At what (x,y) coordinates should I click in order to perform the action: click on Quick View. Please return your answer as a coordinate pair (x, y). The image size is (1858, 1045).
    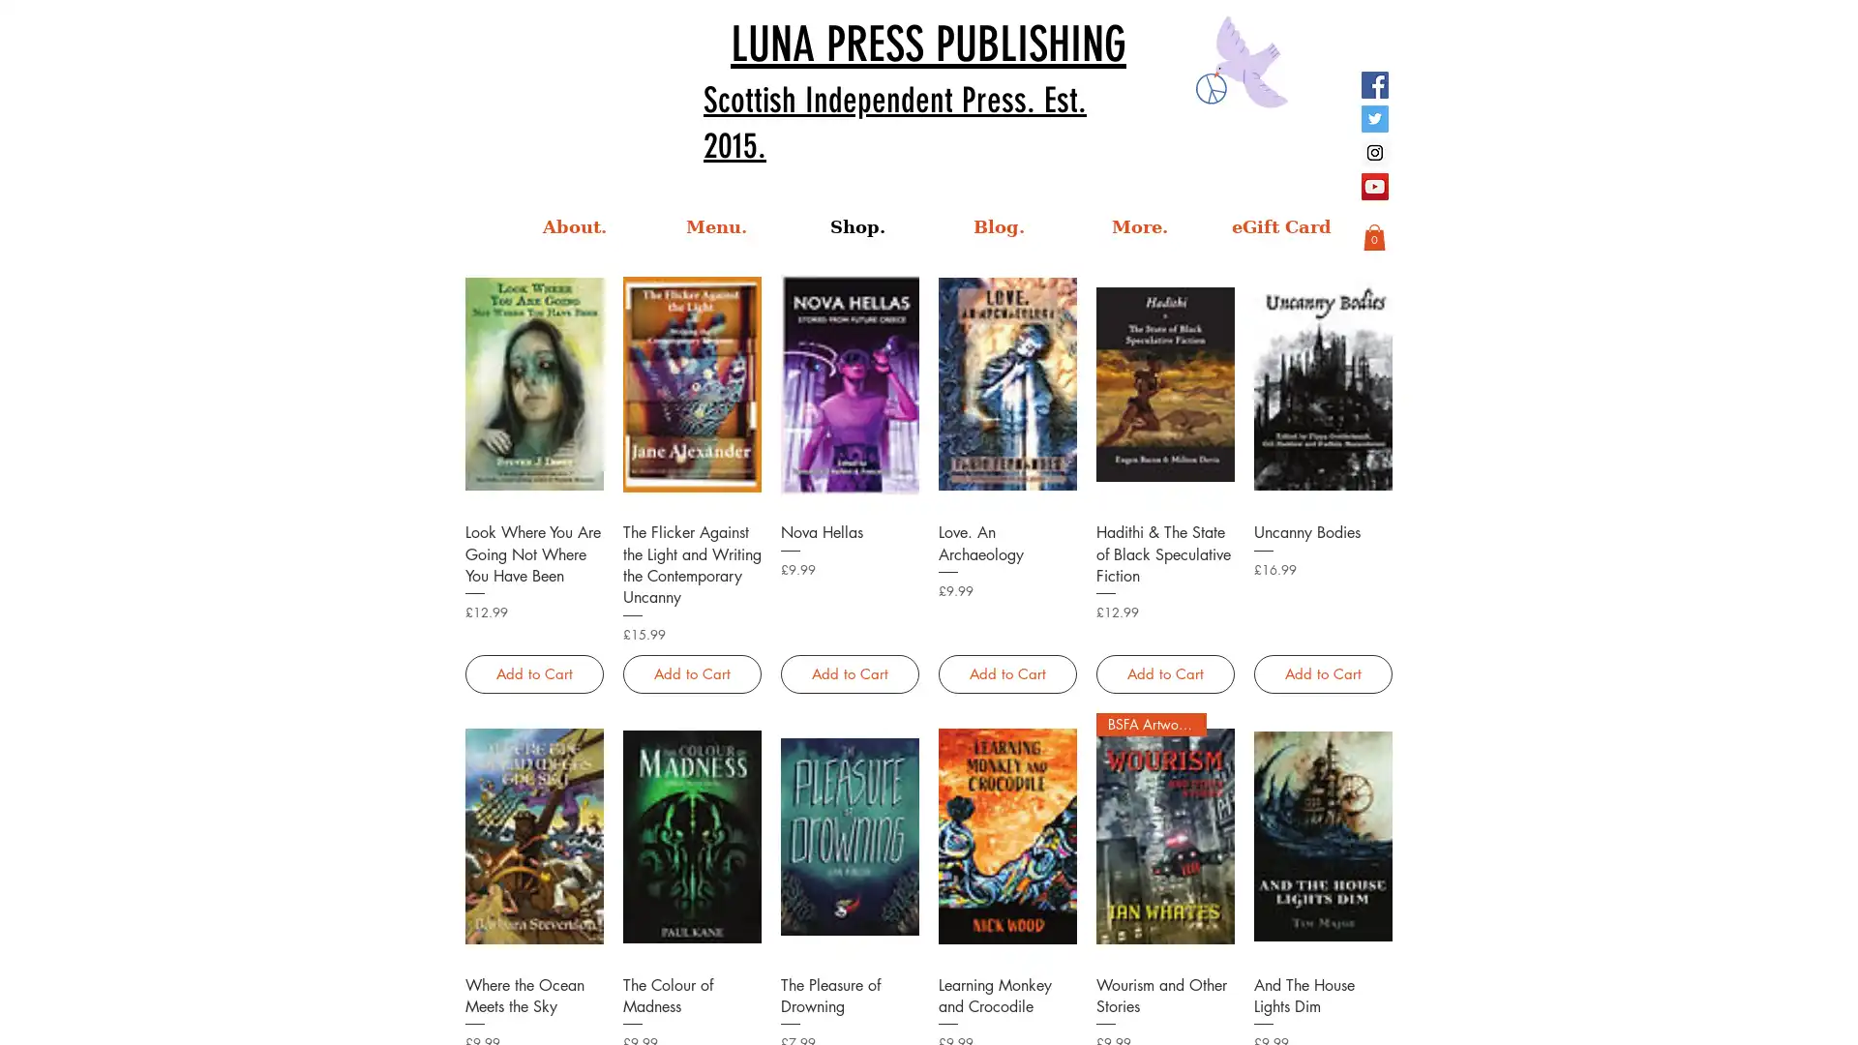
    Looking at the image, I should click on (1163, 982).